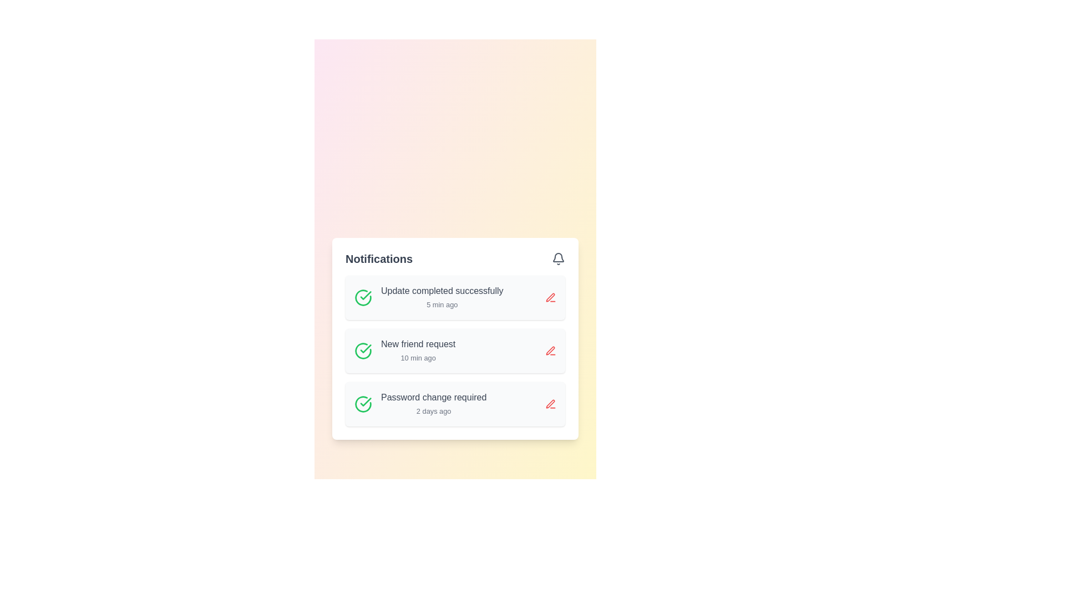 This screenshot has width=1065, height=599. I want to click on the notification bell icon located at the top-right corner of the notification panel, near the text 'Notifications', so click(559, 258).